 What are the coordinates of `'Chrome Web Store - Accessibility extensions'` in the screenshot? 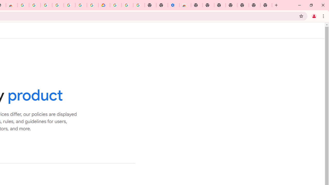 It's located at (185, 5).